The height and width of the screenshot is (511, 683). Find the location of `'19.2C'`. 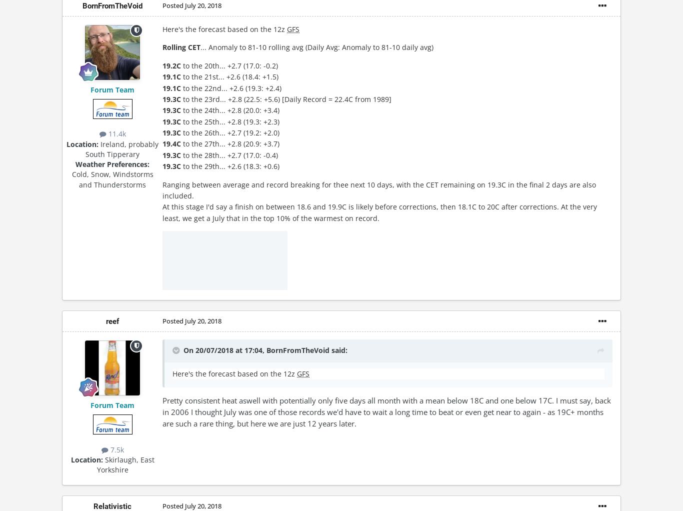

'19.2C' is located at coordinates (171, 65).